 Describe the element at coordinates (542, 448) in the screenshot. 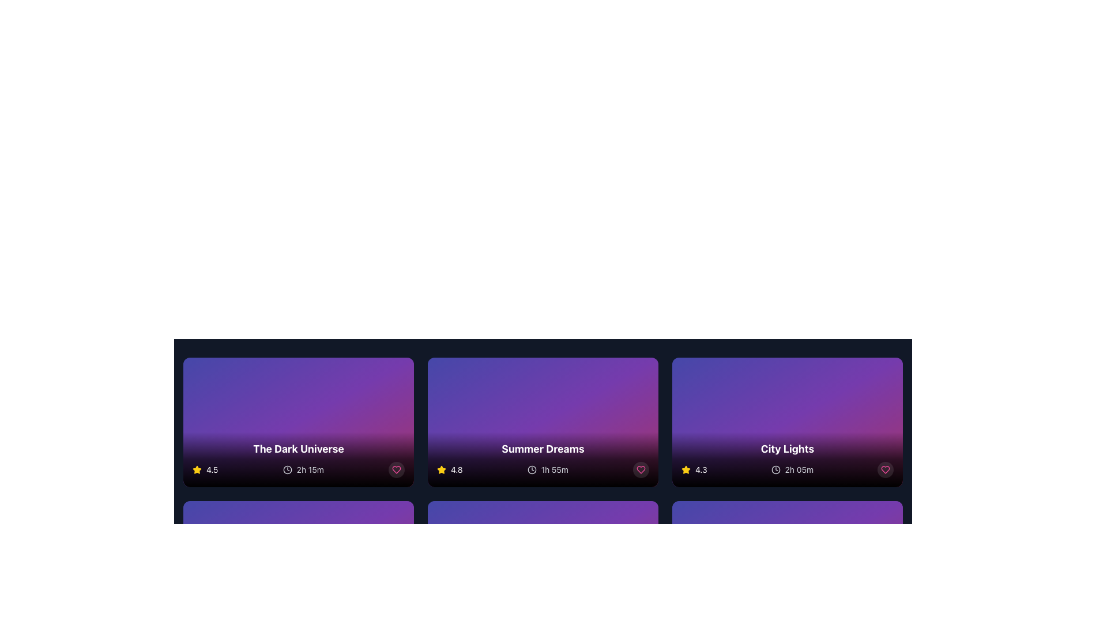

I see `the bold white text label reading 'Summer Dreams' located in the central card of the second row, positioned above additional icons and text elements` at that location.